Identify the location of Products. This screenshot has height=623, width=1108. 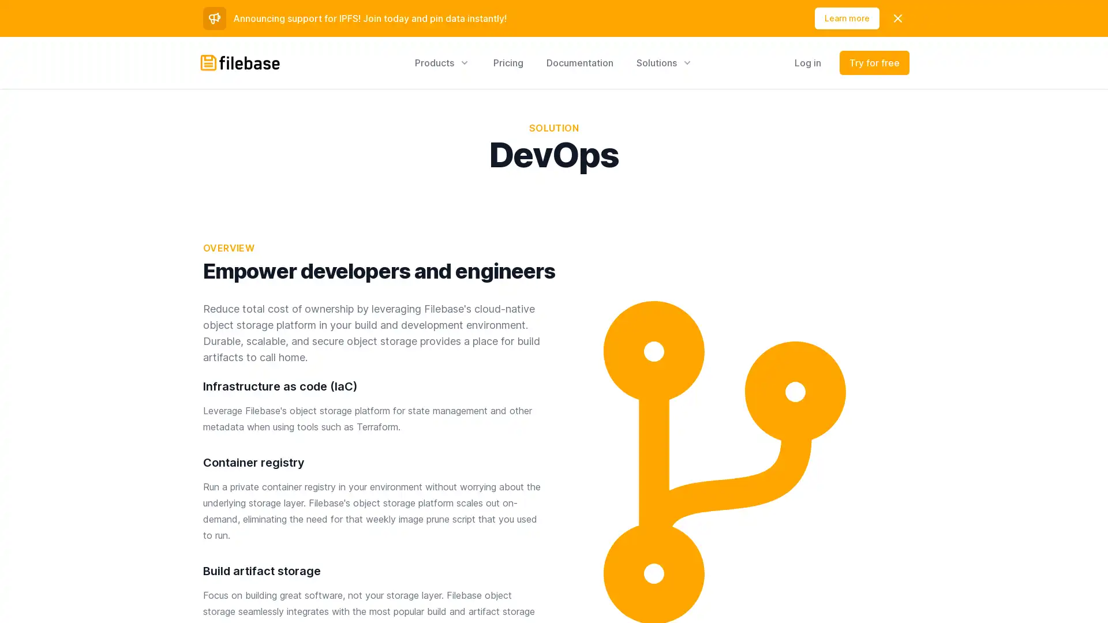
(442, 62).